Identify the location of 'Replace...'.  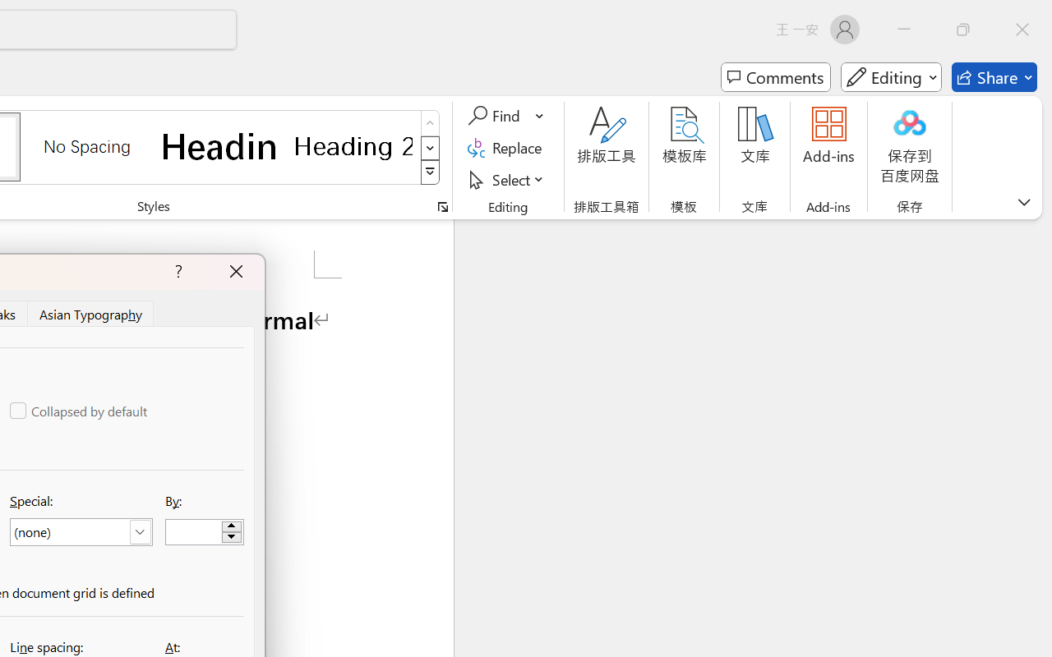
(506, 147).